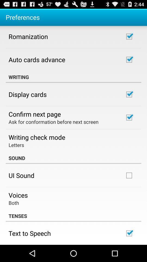 This screenshot has width=147, height=262. Describe the element at coordinates (16, 144) in the screenshot. I see `app below the writing check mode icon` at that location.